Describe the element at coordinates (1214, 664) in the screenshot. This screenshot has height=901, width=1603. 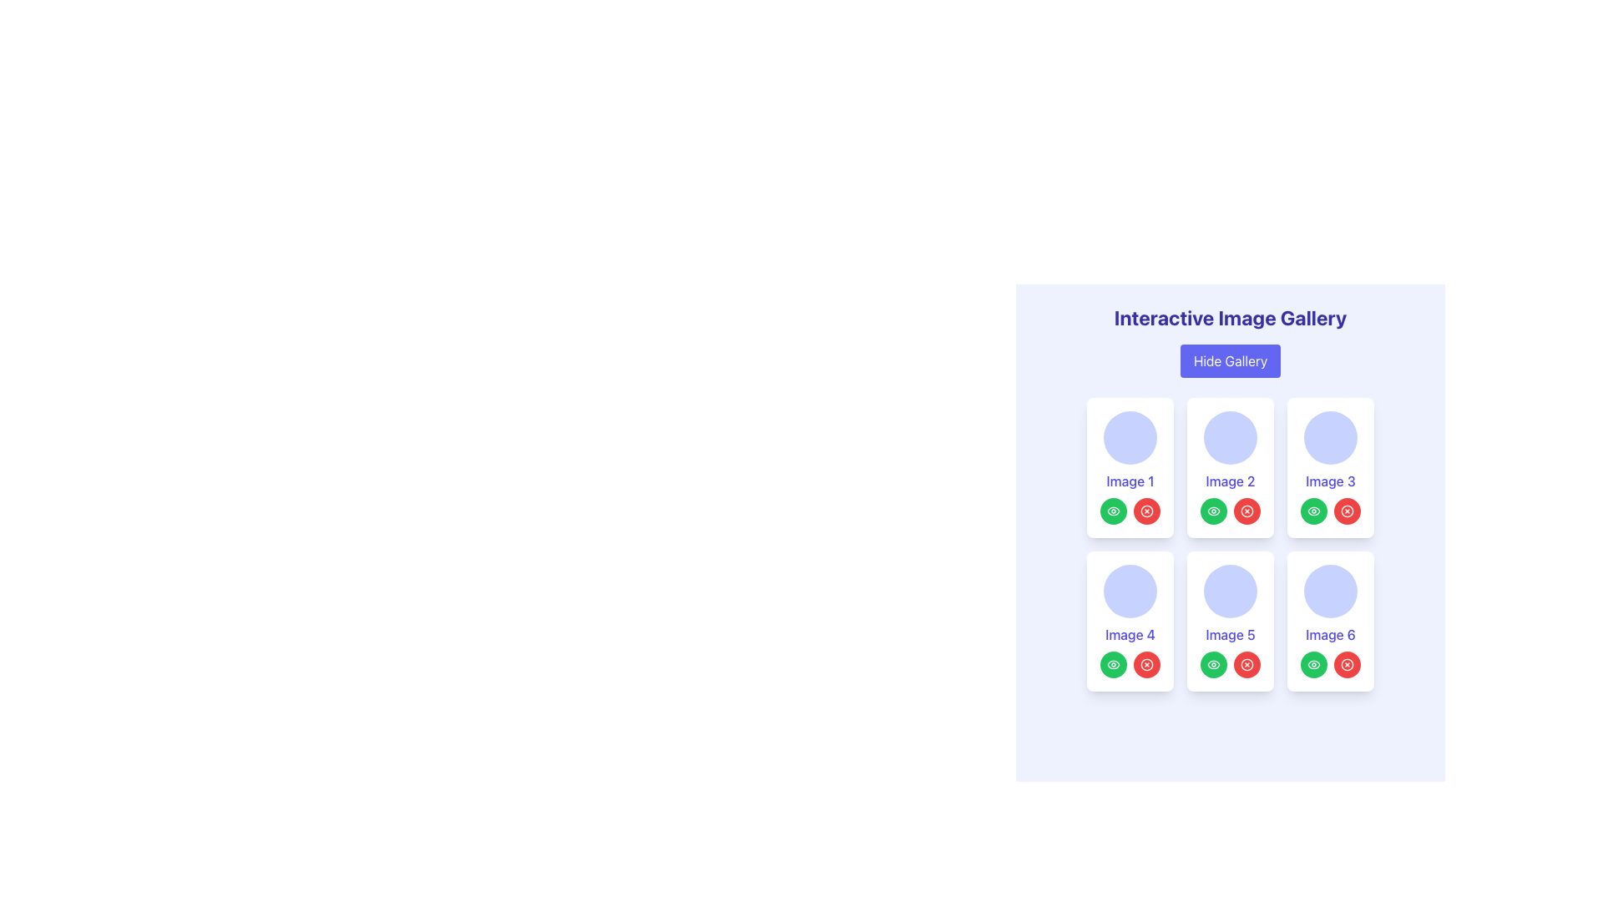
I see `the first button` at that location.